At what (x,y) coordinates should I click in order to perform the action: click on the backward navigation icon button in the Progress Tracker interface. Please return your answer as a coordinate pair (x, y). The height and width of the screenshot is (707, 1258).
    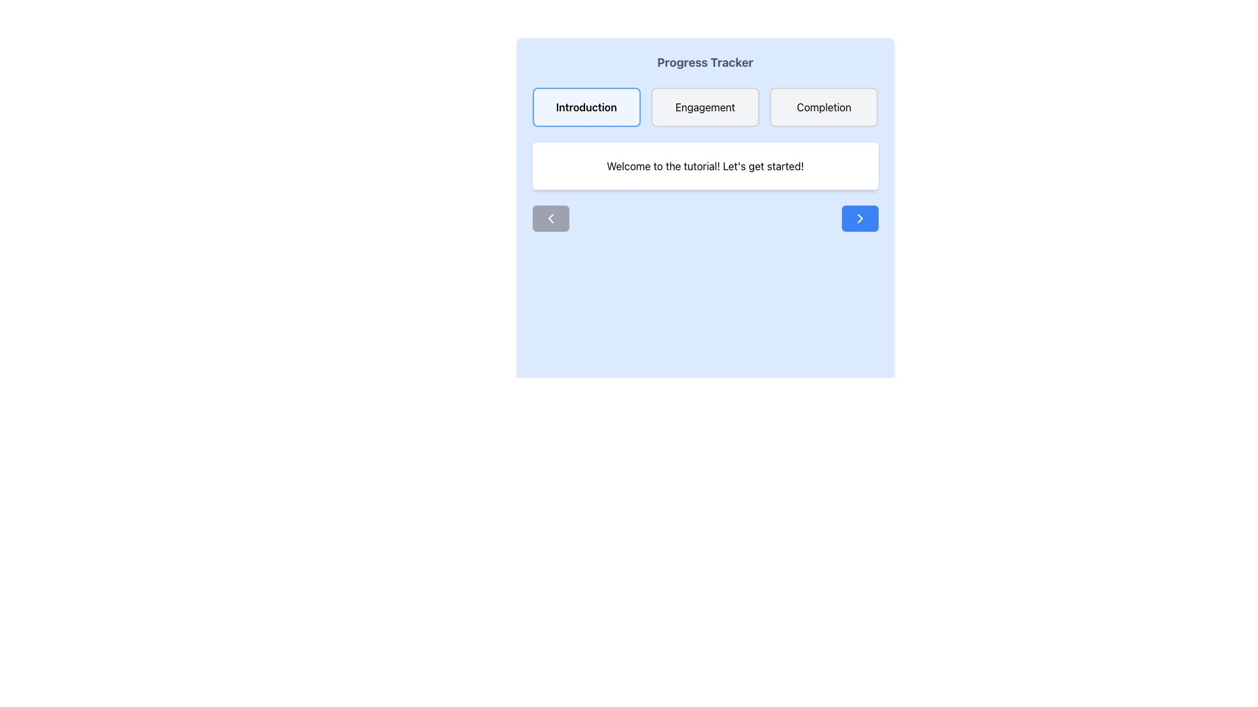
    Looking at the image, I should click on (550, 218).